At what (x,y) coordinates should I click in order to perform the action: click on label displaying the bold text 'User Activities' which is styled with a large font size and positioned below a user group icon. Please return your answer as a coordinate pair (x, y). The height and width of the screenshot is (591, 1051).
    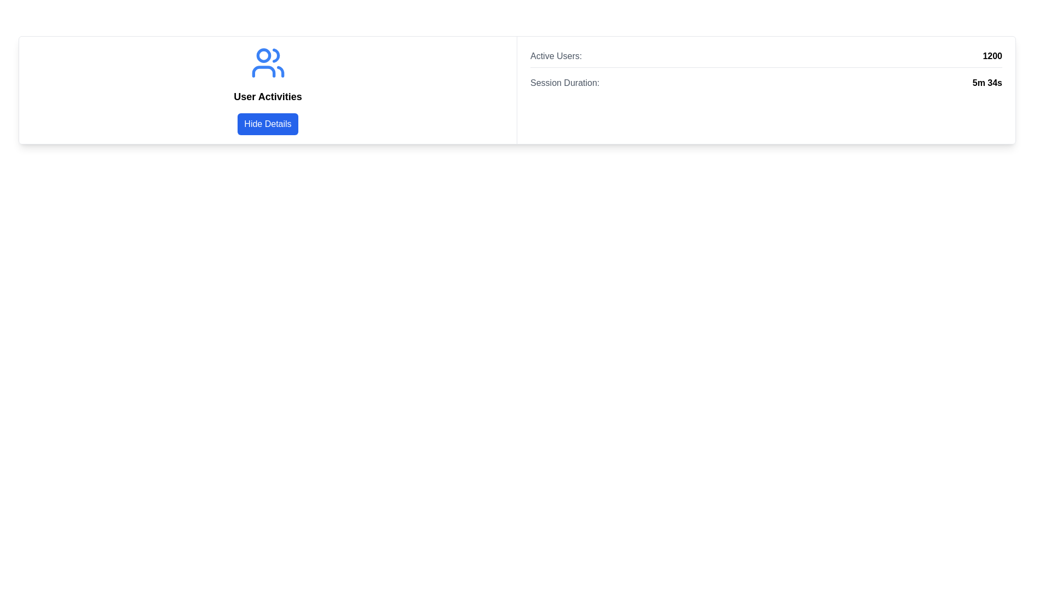
    Looking at the image, I should click on (268, 96).